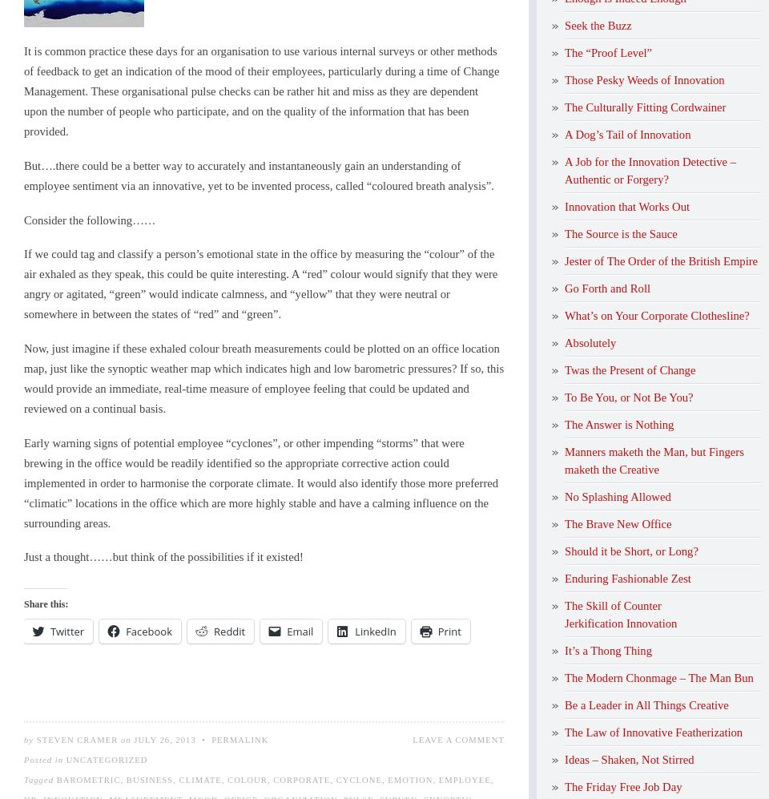 Image resolution: width=769 pixels, height=799 pixels. Describe the element at coordinates (29, 739) in the screenshot. I see `'by'` at that location.